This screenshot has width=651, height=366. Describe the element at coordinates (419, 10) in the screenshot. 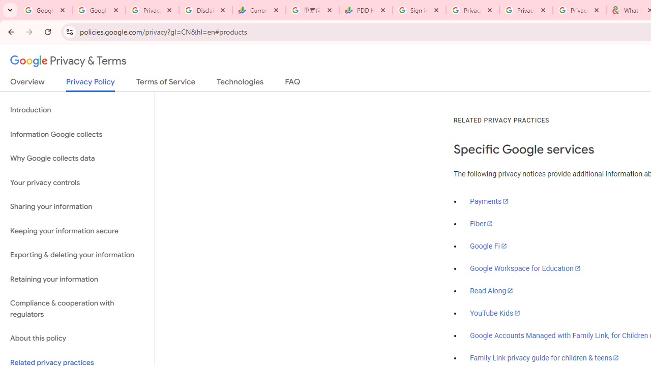

I see `'Sign in - Google Accounts'` at that location.